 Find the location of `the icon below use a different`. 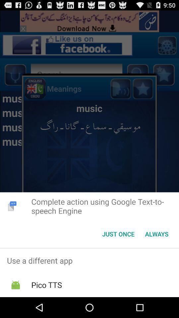

the icon below use a different is located at coordinates (46, 285).